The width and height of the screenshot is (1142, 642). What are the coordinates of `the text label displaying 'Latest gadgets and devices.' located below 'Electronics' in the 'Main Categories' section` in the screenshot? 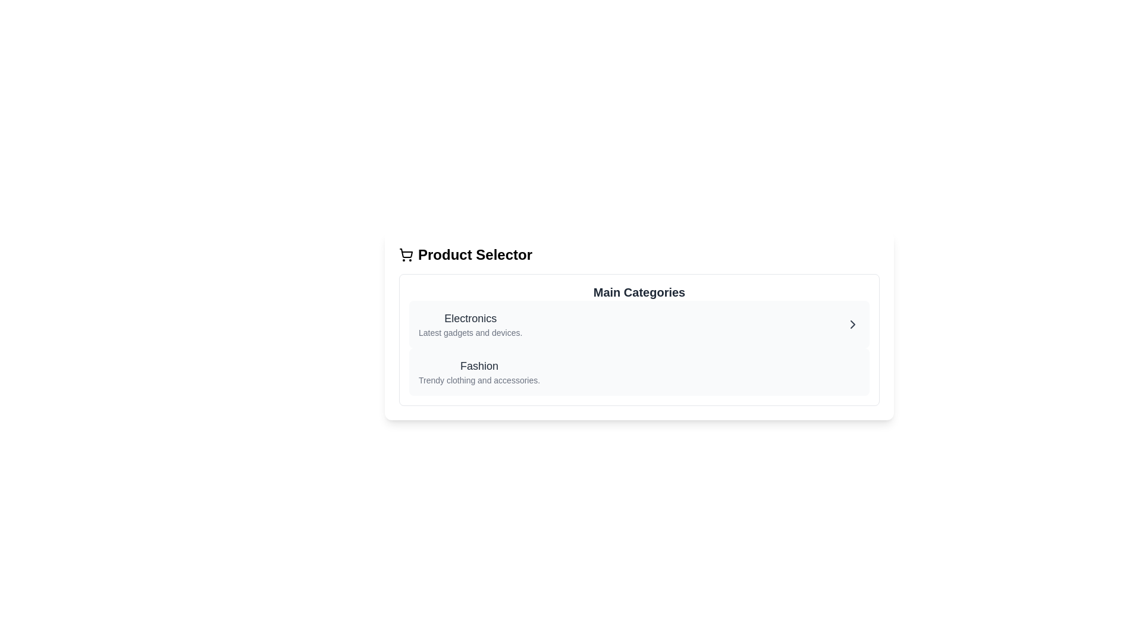 It's located at (470, 332).